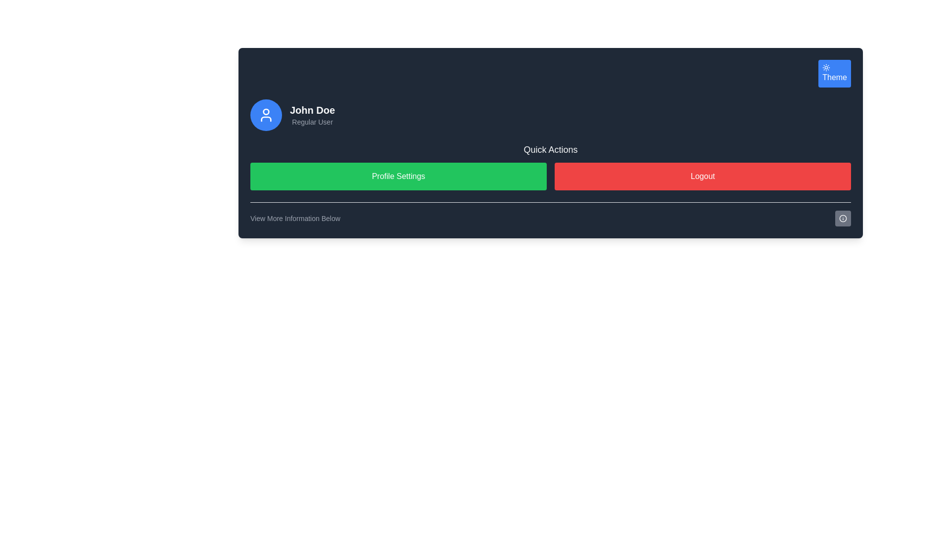 The height and width of the screenshot is (534, 950). I want to click on the user avatar icon located at the top left corner of the user profile card, so click(266, 114).